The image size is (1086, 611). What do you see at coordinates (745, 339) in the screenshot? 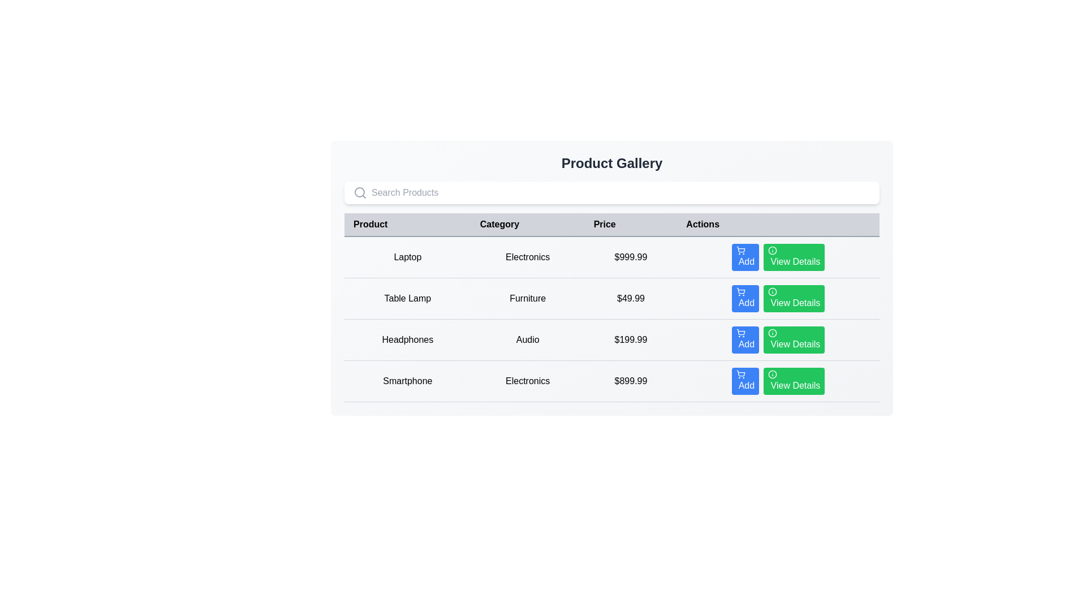
I see `the blue 'Add' button with white text and a shopping cart icon in the 'Actions' column for the 'Headphones' product` at bounding box center [745, 339].